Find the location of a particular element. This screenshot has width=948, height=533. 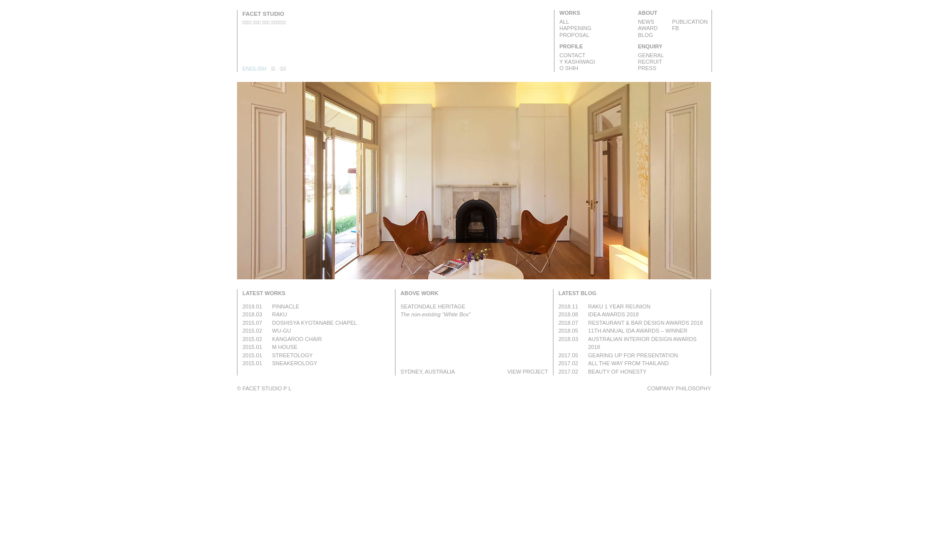

'AWARD' is located at coordinates (656, 28).